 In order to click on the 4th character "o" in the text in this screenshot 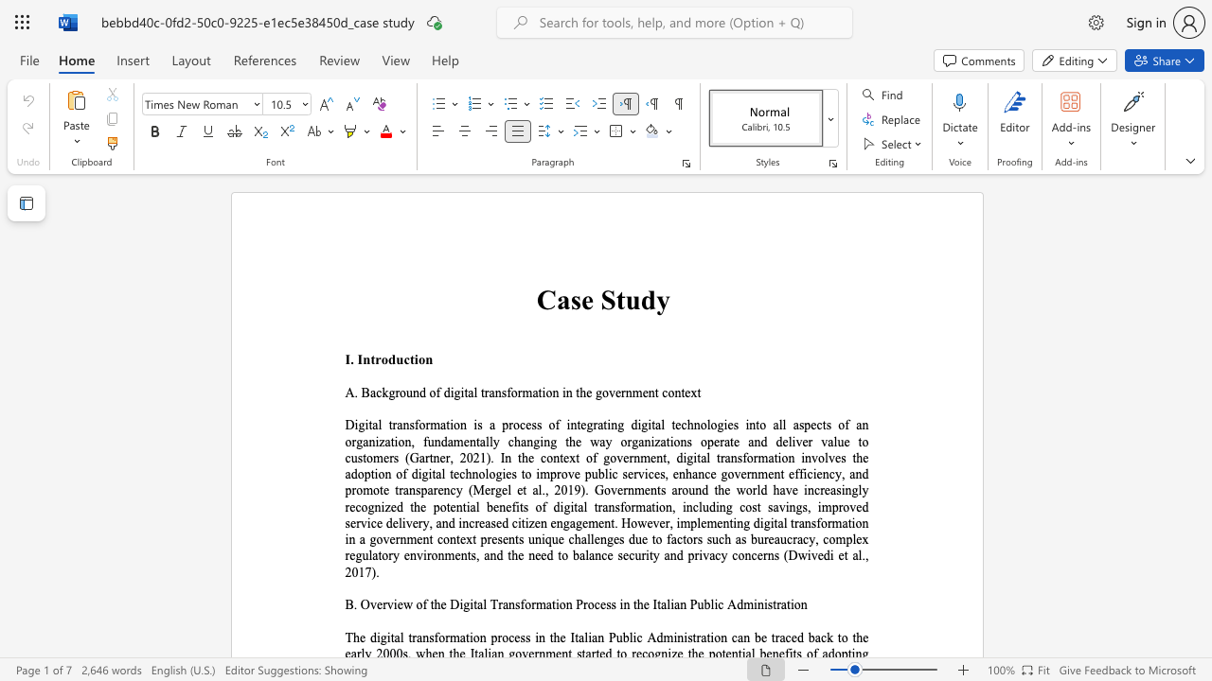, I will do `click(547, 392)`.